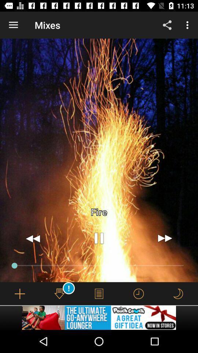 Image resolution: width=198 pixels, height=353 pixels. What do you see at coordinates (20, 293) in the screenshot?
I see `a track` at bounding box center [20, 293].